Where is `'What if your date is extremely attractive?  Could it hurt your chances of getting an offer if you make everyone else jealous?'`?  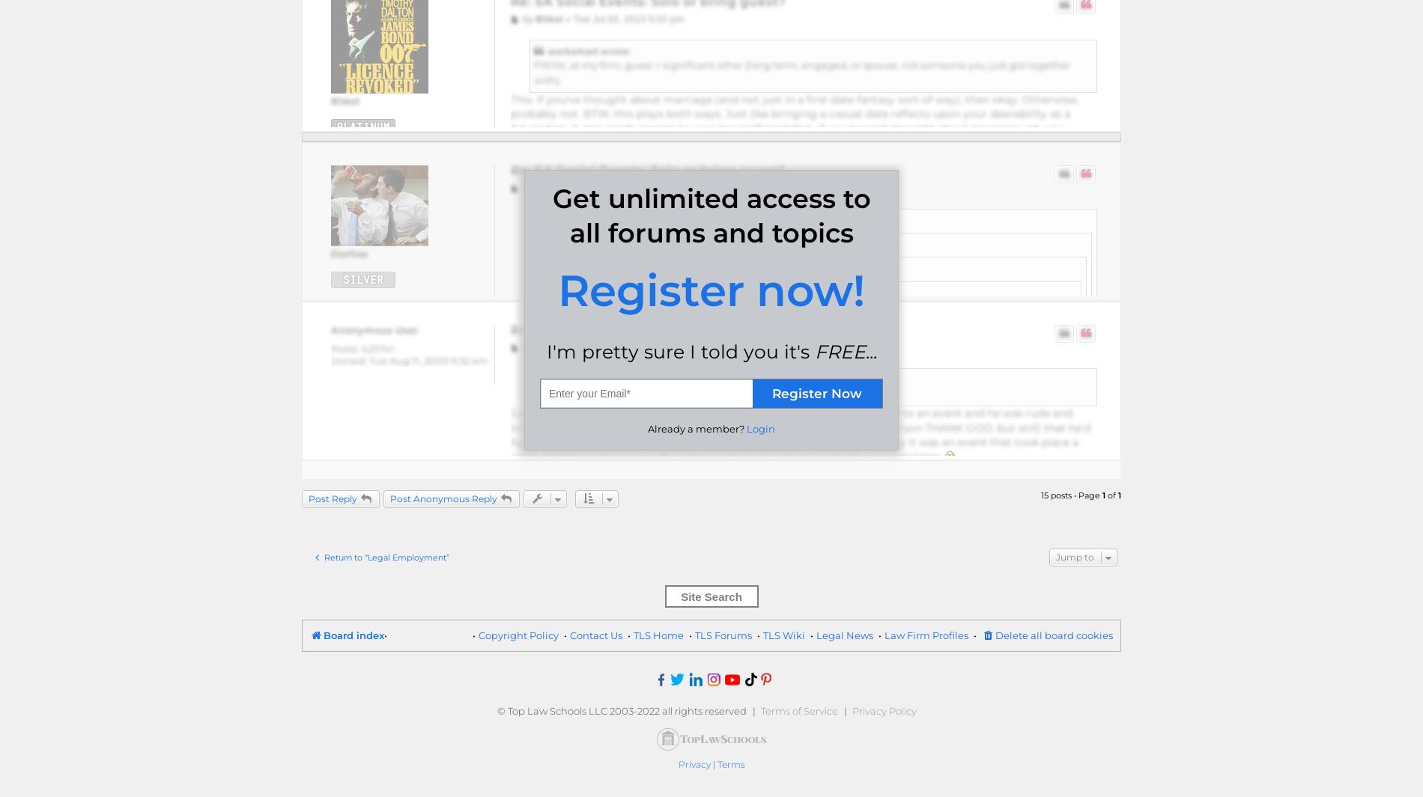
'What if your date is extremely attractive?  Could it hurt your chances of getting an offer if you make everyone else jealous?' is located at coordinates (822, 313).